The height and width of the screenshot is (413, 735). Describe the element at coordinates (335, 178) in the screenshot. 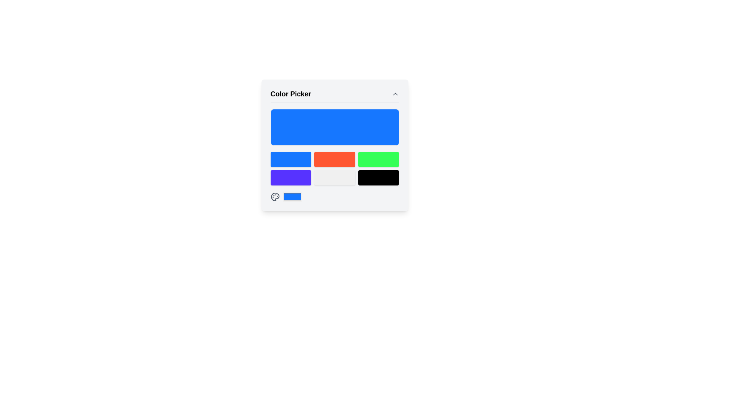

I see `the second button in the second row of the grid` at that location.